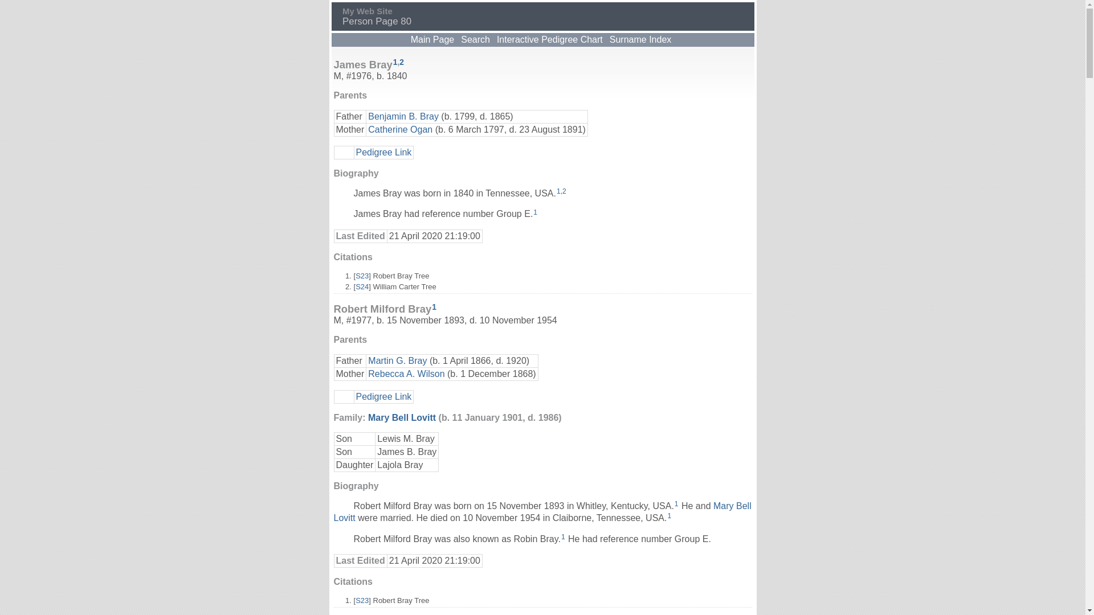  What do you see at coordinates (640, 39) in the screenshot?
I see `'Surname Index'` at bounding box center [640, 39].